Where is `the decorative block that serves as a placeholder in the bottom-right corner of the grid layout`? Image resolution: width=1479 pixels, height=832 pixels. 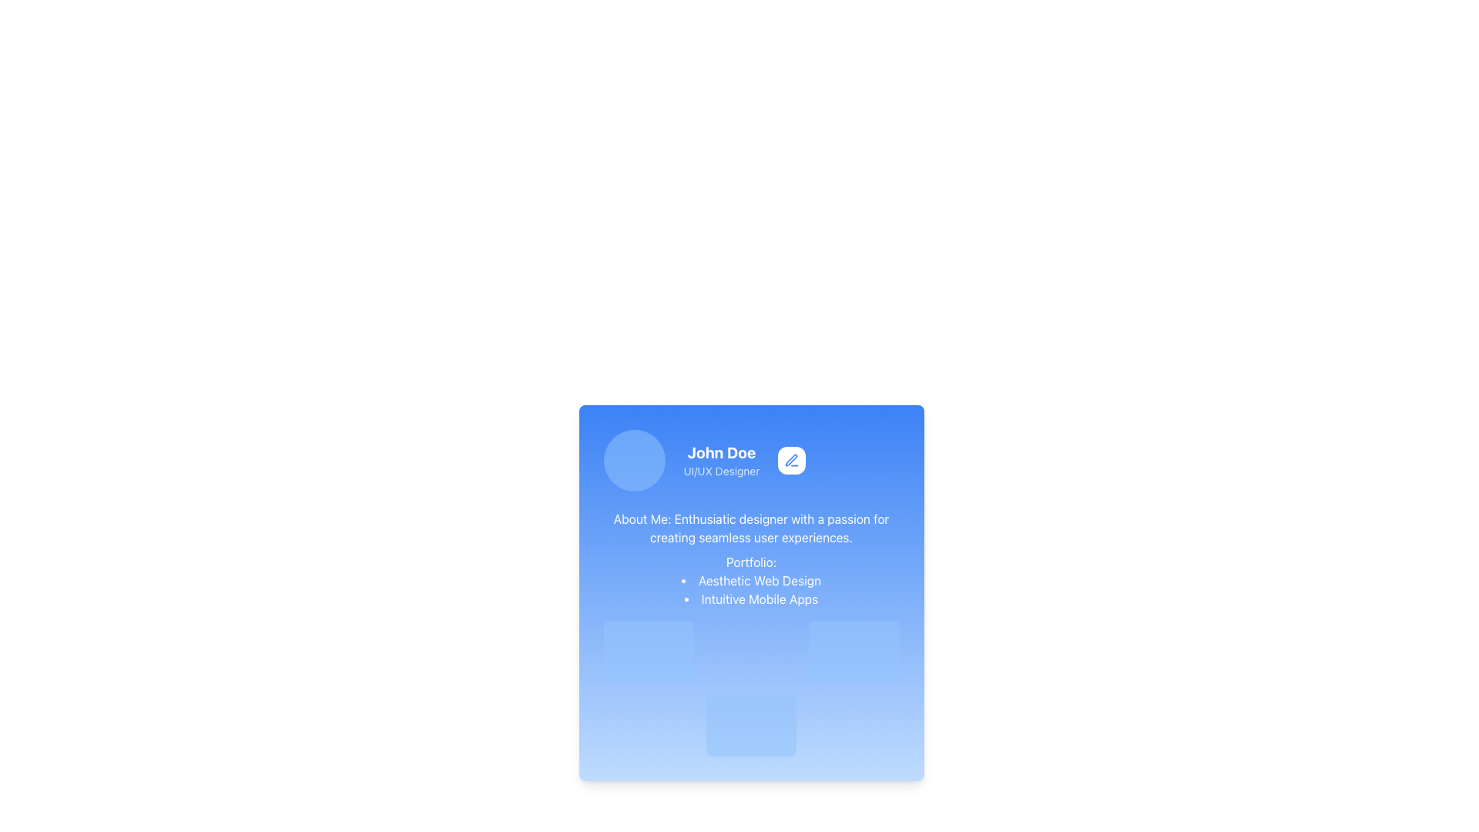
the decorative block that serves as a placeholder in the bottom-right corner of the grid layout is located at coordinates (853, 725).